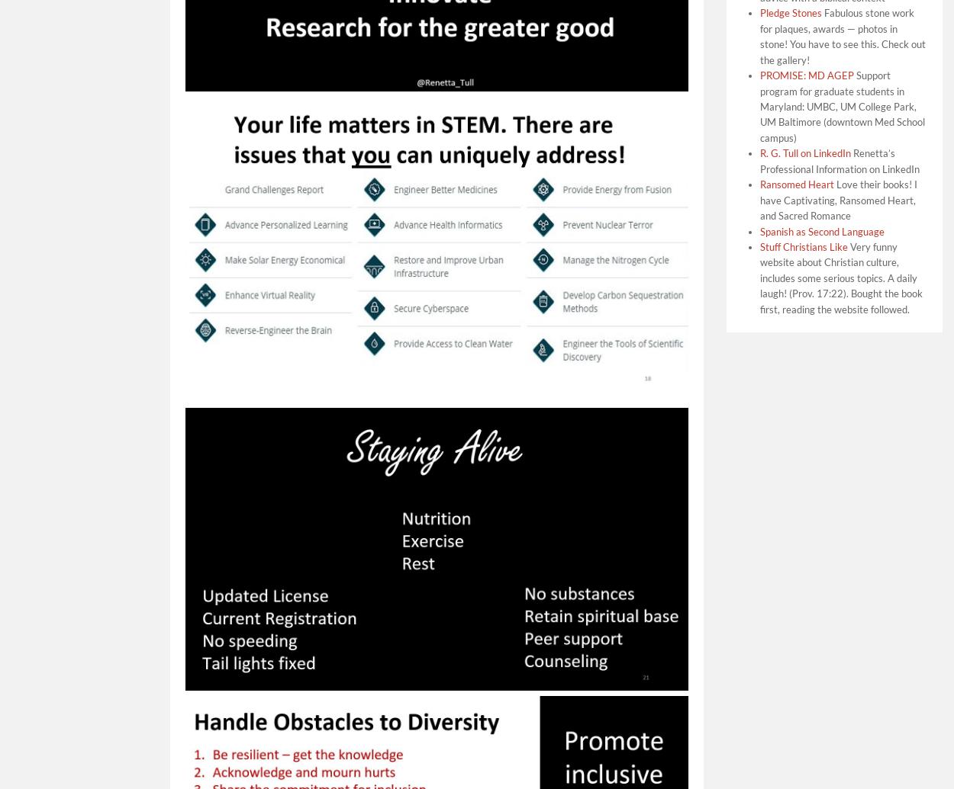 Image resolution: width=954 pixels, height=789 pixels. I want to click on 'Spanish as Second Language', so click(821, 231).